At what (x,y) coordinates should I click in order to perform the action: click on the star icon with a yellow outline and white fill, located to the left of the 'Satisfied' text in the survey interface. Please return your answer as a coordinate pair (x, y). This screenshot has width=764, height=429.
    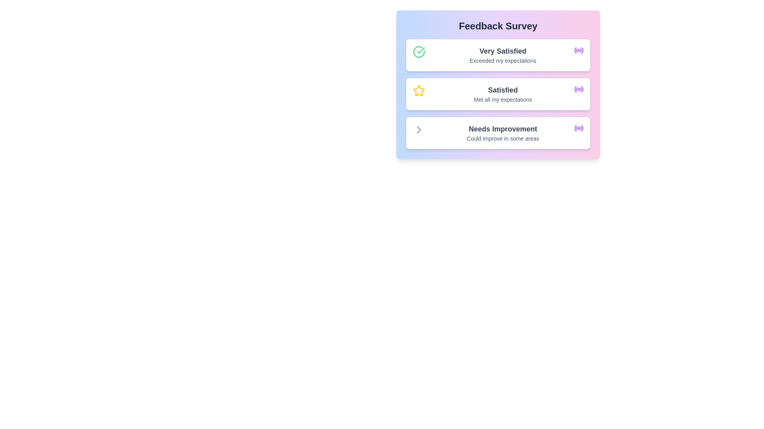
    Looking at the image, I should click on (418, 90).